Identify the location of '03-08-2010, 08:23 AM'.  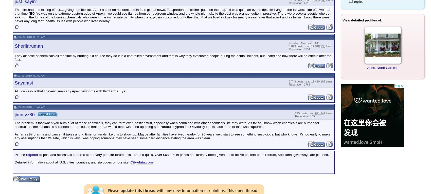
(16, 37).